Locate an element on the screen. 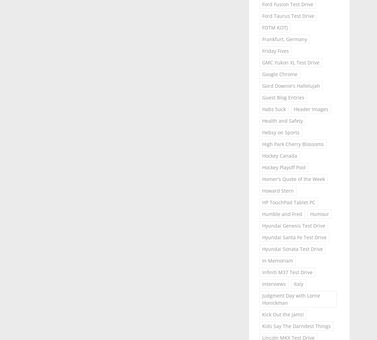 This screenshot has width=377, height=340. 'Infiniti M37 Test Drive' is located at coordinates (287, 272).